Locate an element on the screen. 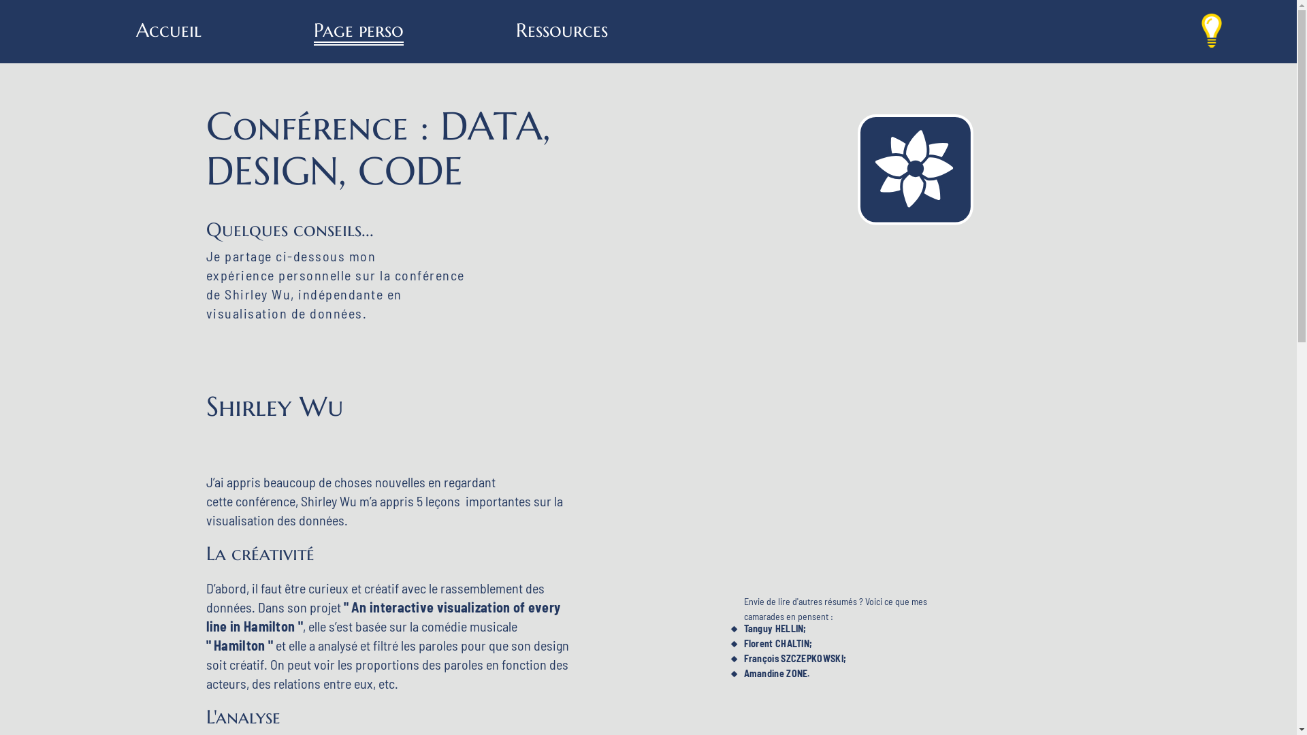 The width and height of the screenshot is (1307, 735). 'Page perso' is located at coordinates (359, 31).